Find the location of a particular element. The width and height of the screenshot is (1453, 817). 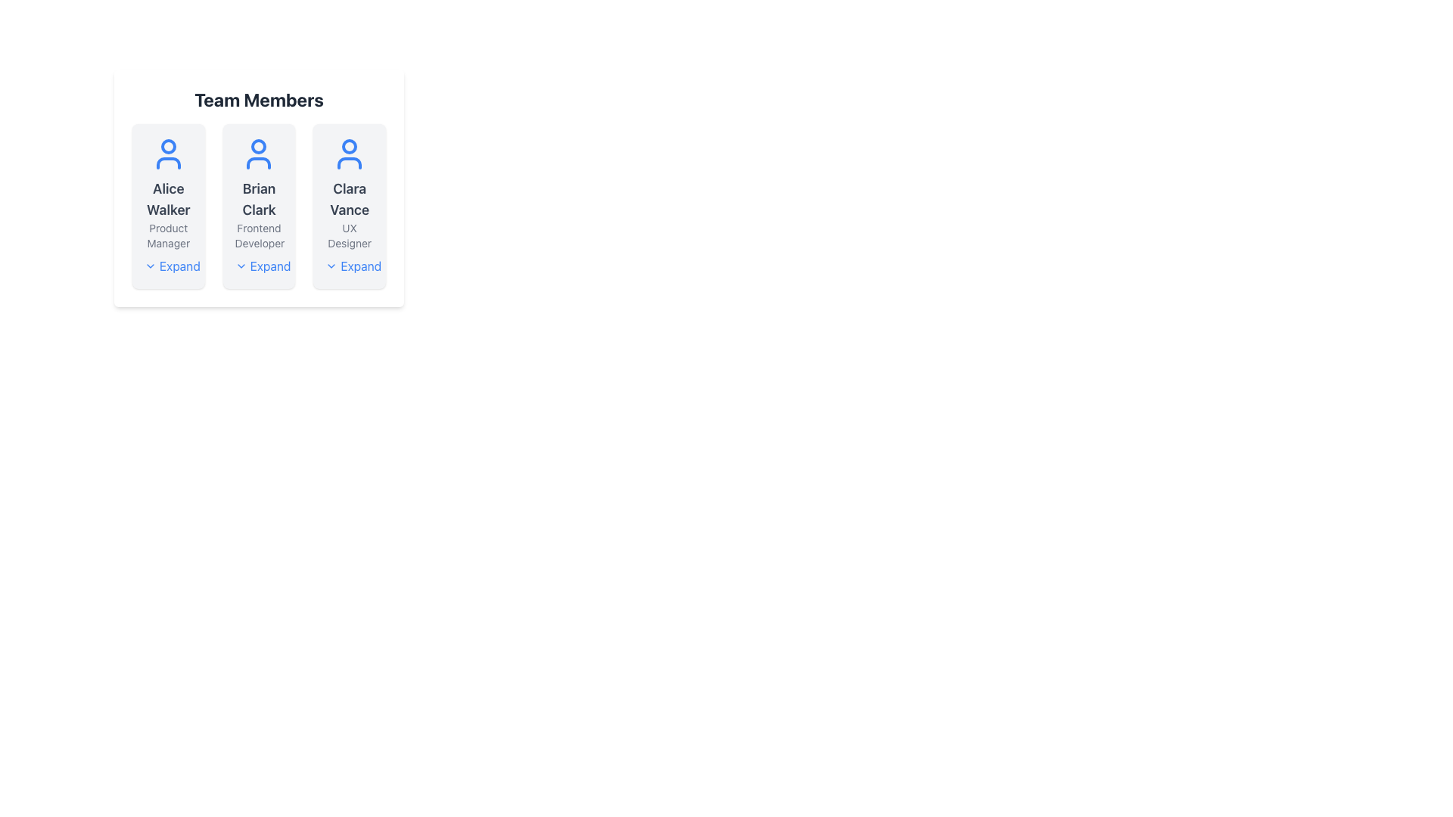

Text Label that describes the job title or role of 'Clara Vance', located directly below her name and above the 'Expand' link in the rightmost card of the three-column grid is located at coordinates (349, 236).